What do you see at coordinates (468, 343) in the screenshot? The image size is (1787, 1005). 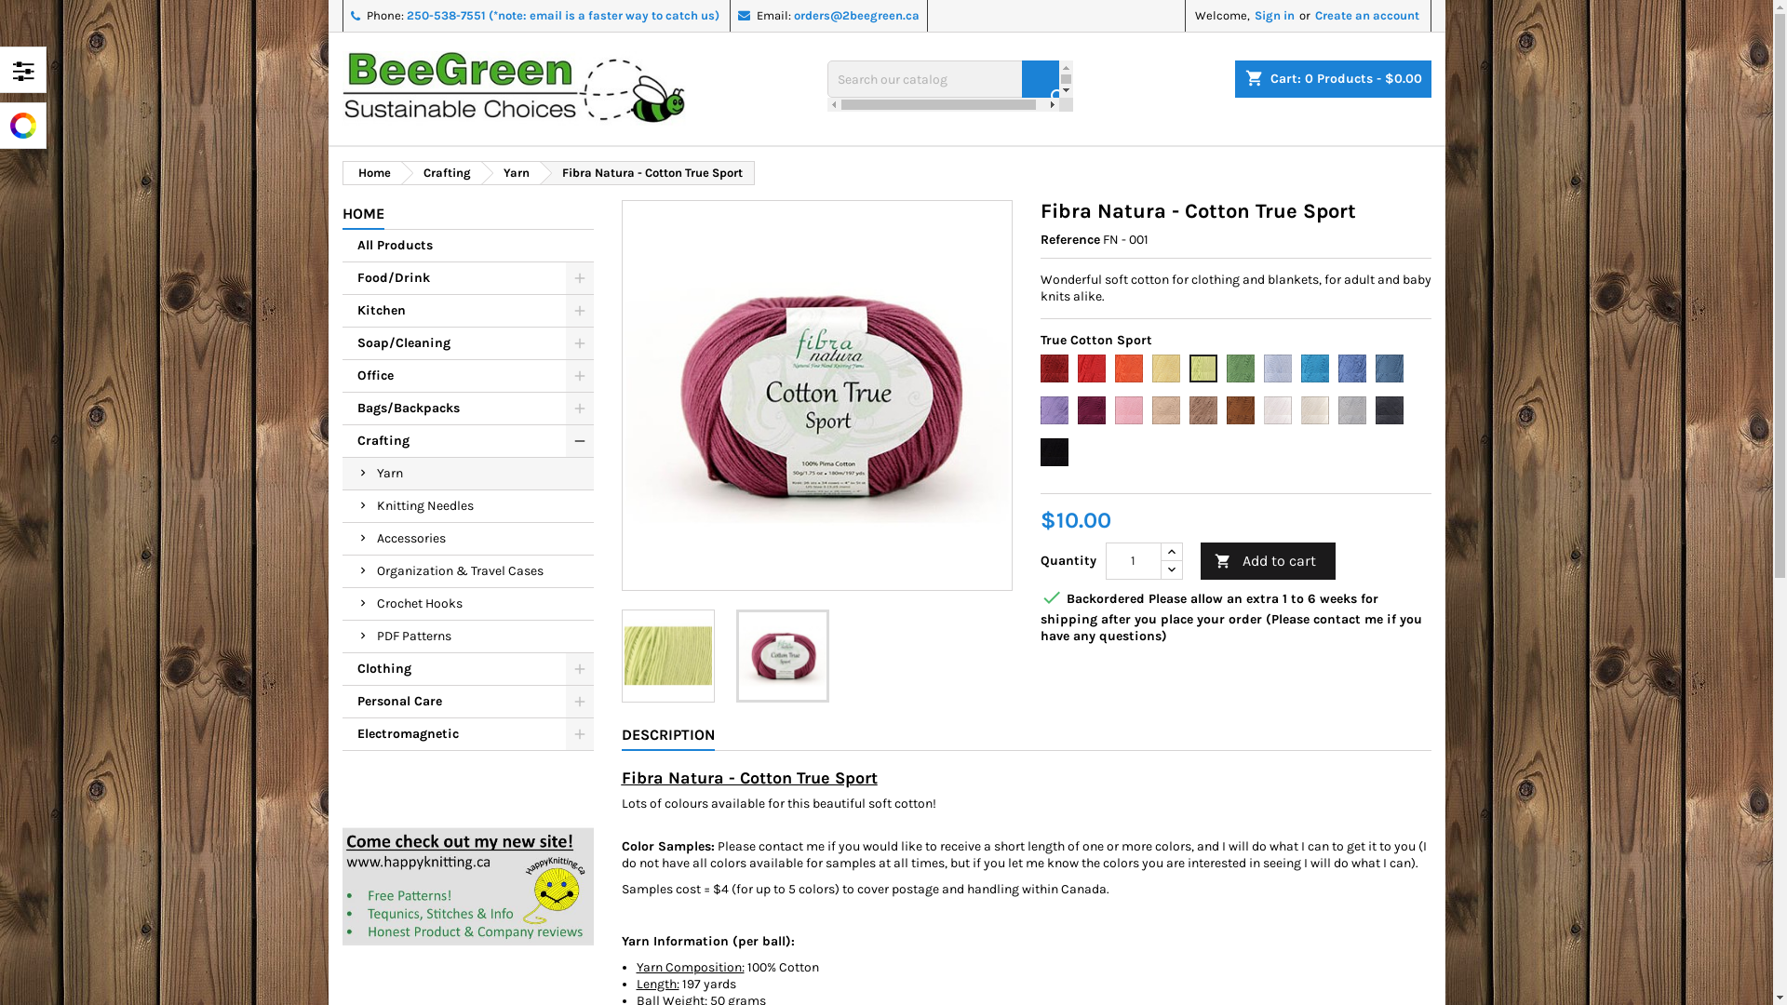 I see `'Soap/Cleaning'` at bounding box center [468, 343].